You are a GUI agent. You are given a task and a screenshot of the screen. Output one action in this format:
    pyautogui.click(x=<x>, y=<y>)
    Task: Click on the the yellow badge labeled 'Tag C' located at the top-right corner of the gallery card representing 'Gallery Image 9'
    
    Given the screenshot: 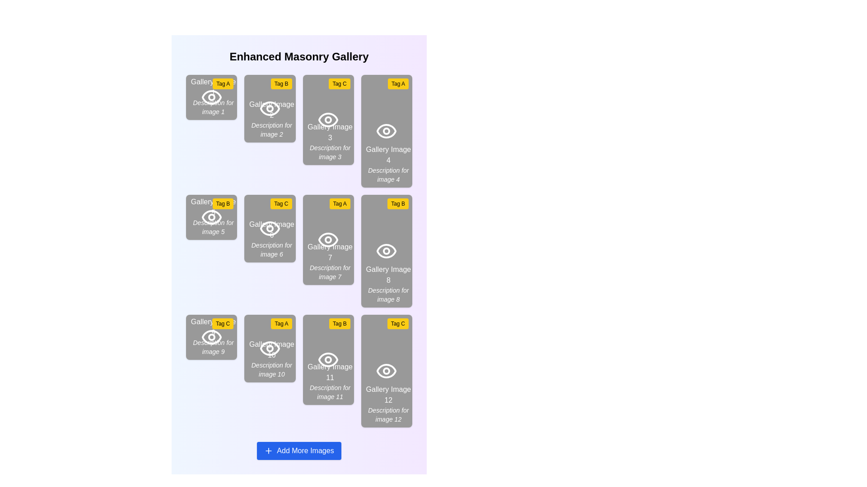 What is the action you would take?
    pyautogui.click(x=211, y=337)
    